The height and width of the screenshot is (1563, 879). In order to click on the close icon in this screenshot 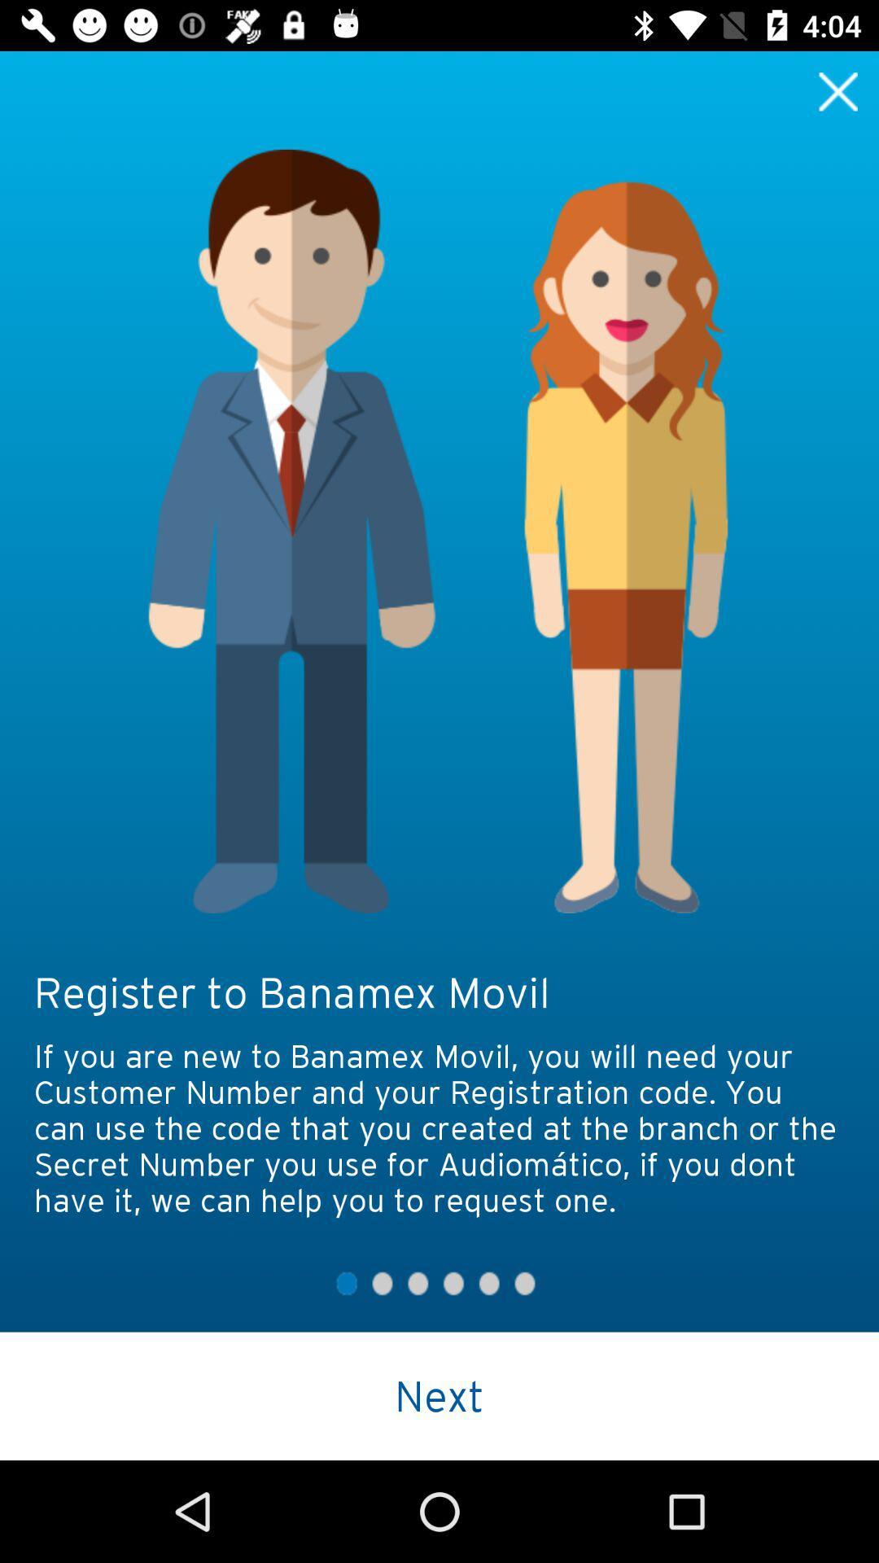, I will do `click(838, 90)`.